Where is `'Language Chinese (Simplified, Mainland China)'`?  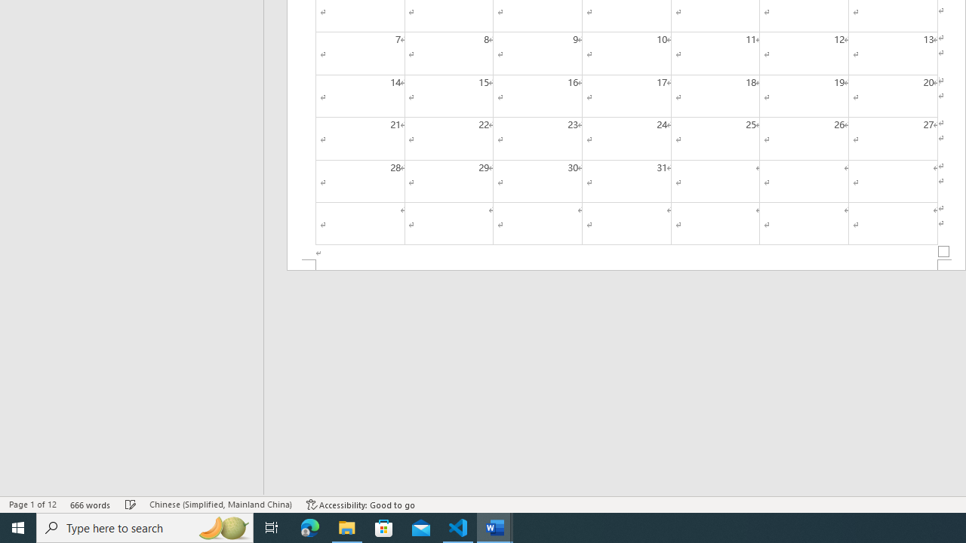
'Language Chinese (Simplified, Mainland China)' is located at coordinates (220, 505).